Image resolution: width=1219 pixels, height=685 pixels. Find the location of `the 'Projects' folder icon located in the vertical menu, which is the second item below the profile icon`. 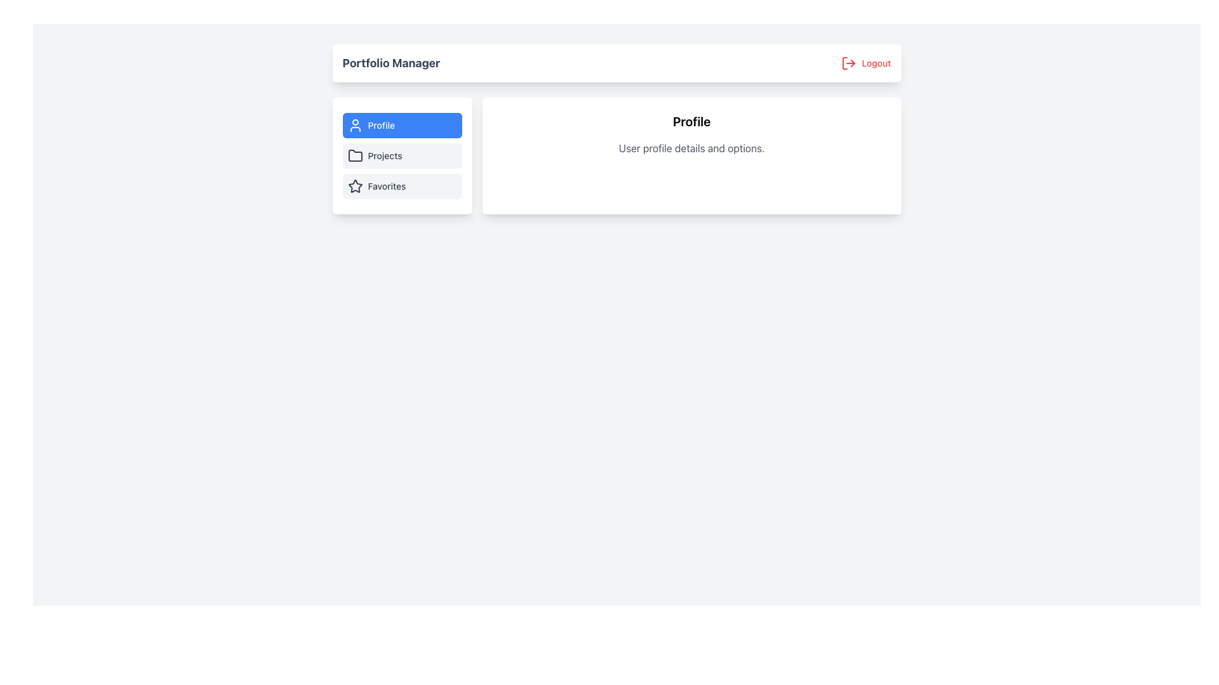

the 'Projects' folder icon located in the vertical menu, which is the second item below the profile icon is located at coordinates (355, 155).